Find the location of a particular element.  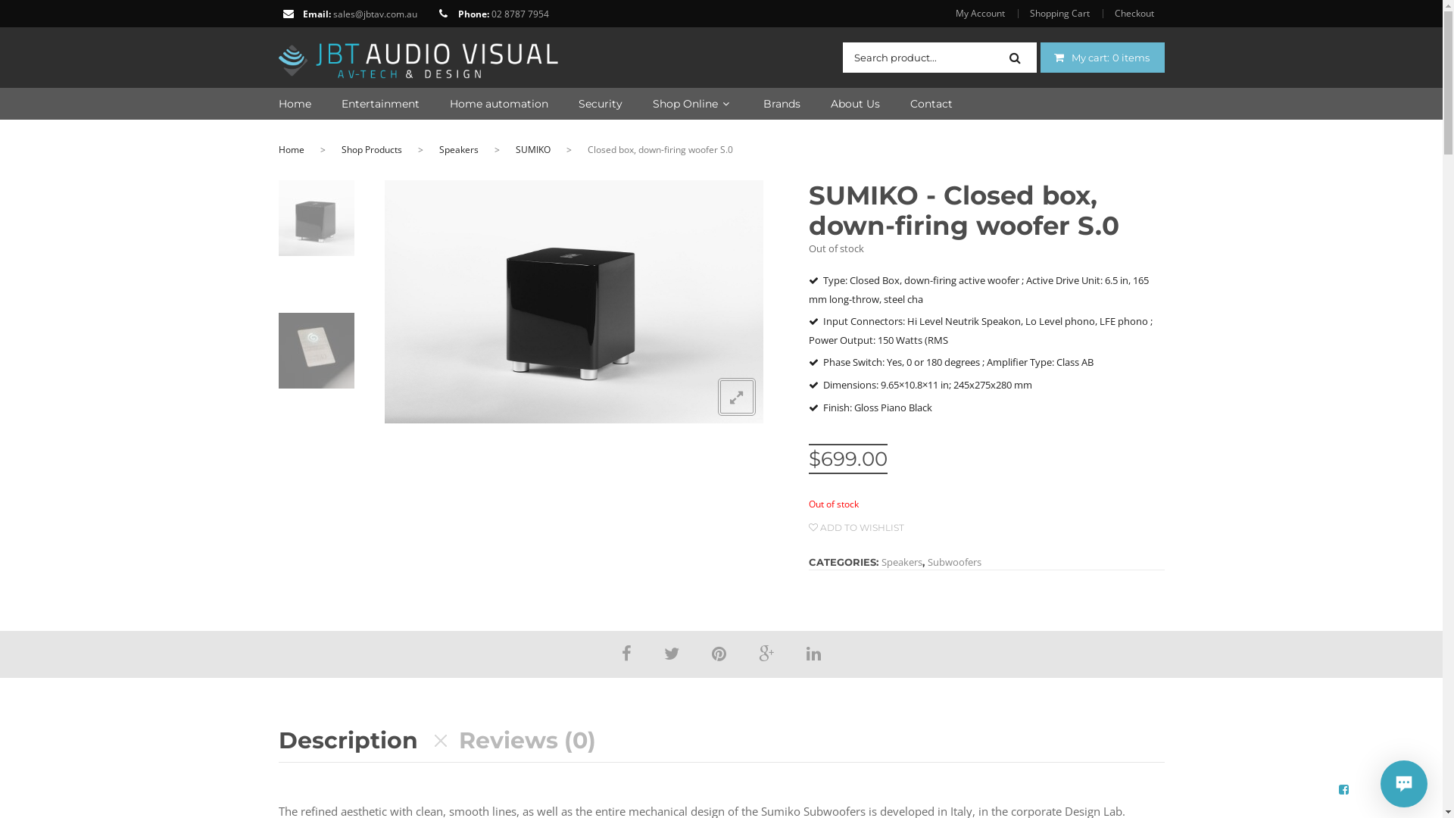

'Shop Online' is located at coordinates (622, 103).